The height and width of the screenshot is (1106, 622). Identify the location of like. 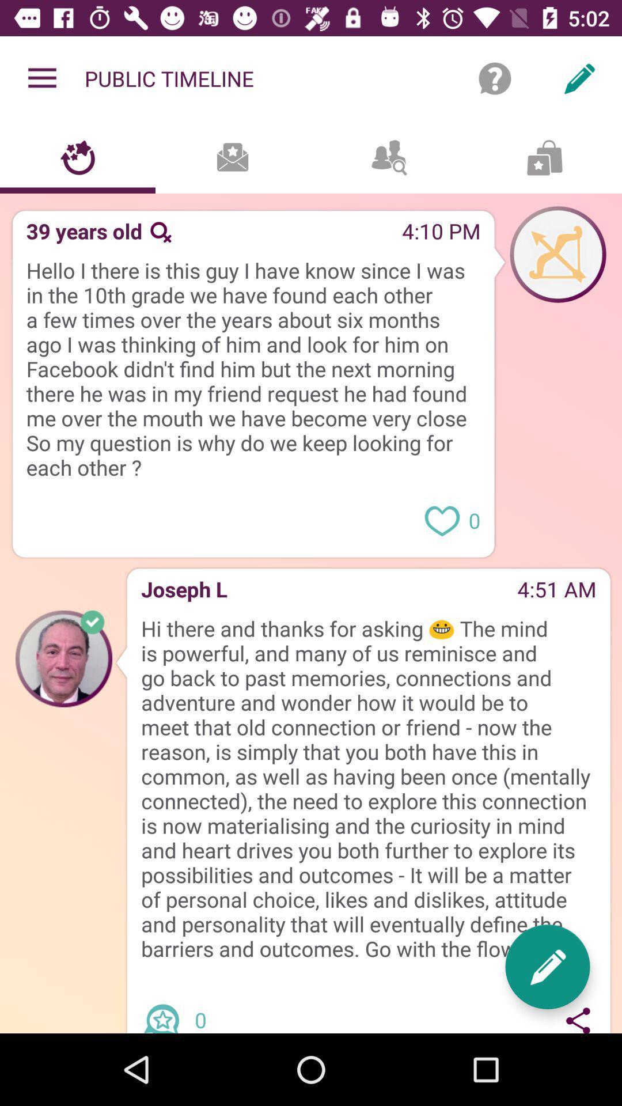
(441, 519).